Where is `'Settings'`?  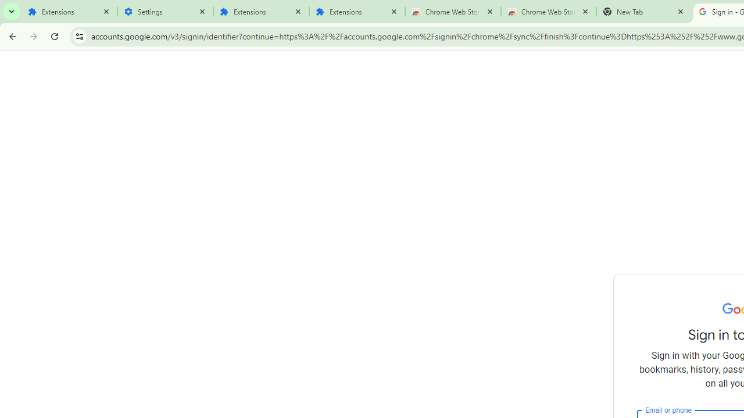
'Settings' is located at coordinates (164, 12).